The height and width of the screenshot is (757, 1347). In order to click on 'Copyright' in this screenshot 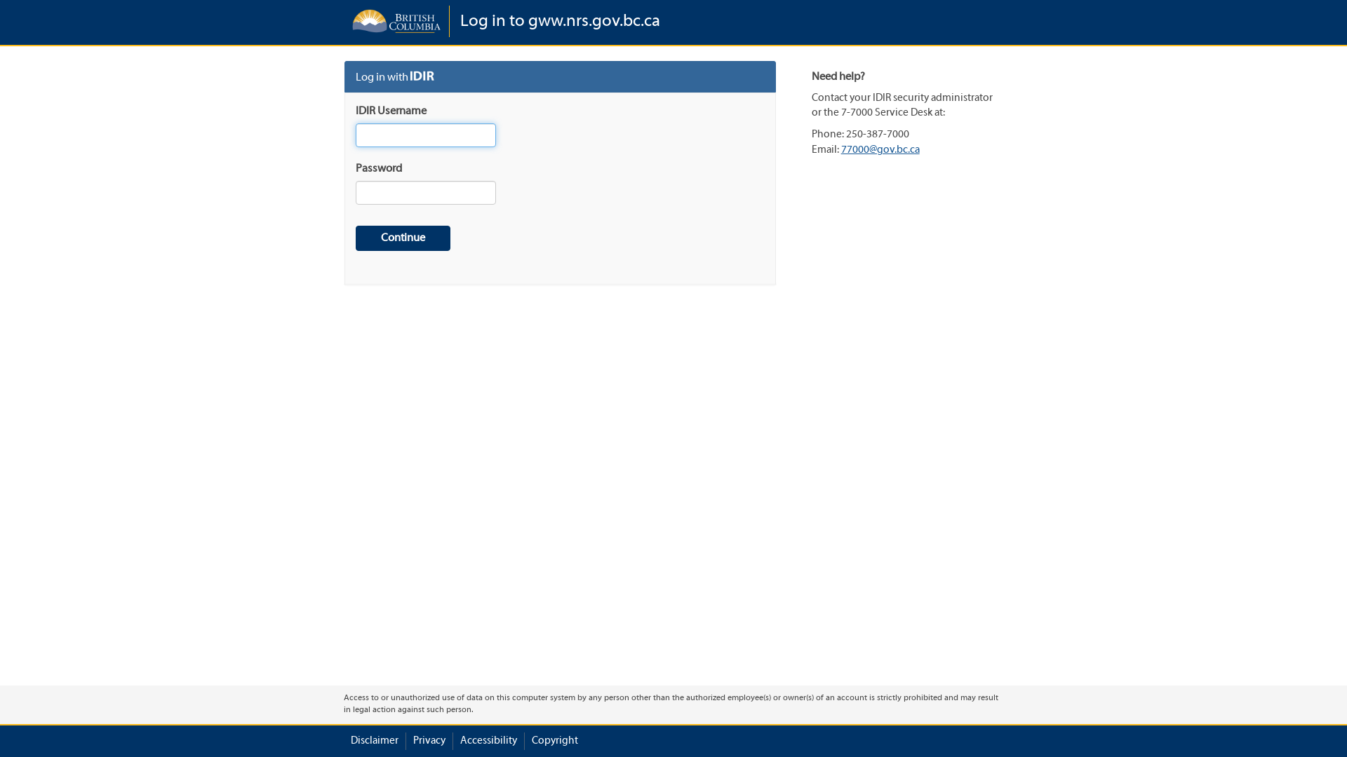, I will do `click(554, 740)`.